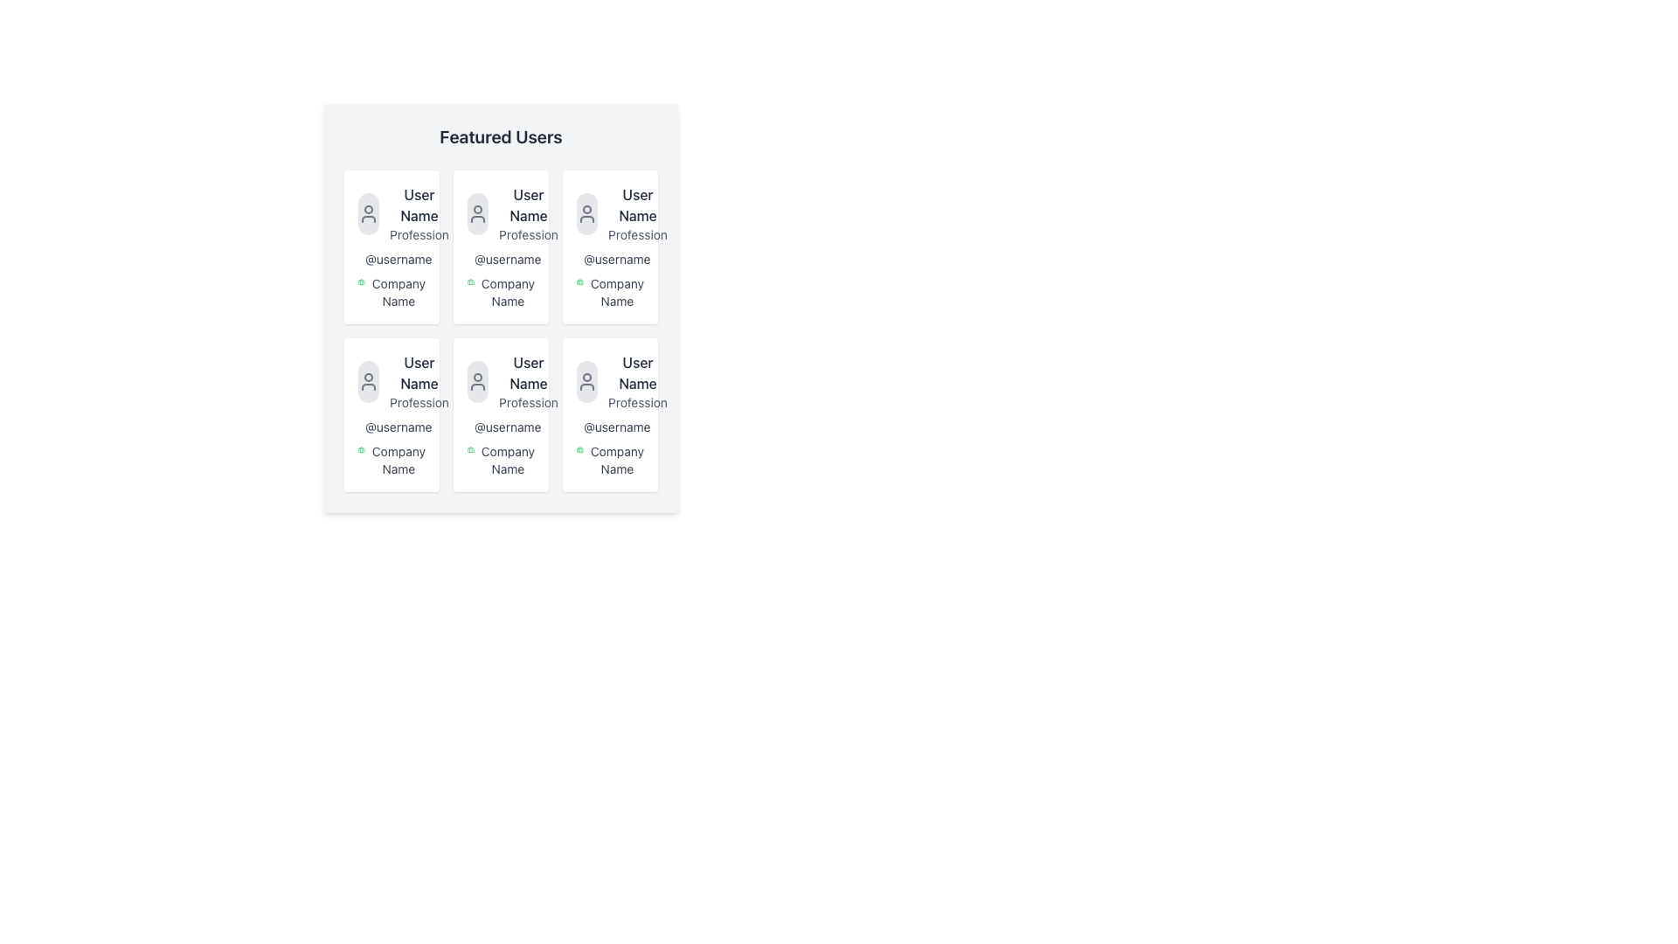 This screenshot has height=944, width=1678. I want to click on the static text label displaying 'User Name' styled in medium font weight and dark gray color, located at the top of the user card under the avatar icon, so click(419, 205).